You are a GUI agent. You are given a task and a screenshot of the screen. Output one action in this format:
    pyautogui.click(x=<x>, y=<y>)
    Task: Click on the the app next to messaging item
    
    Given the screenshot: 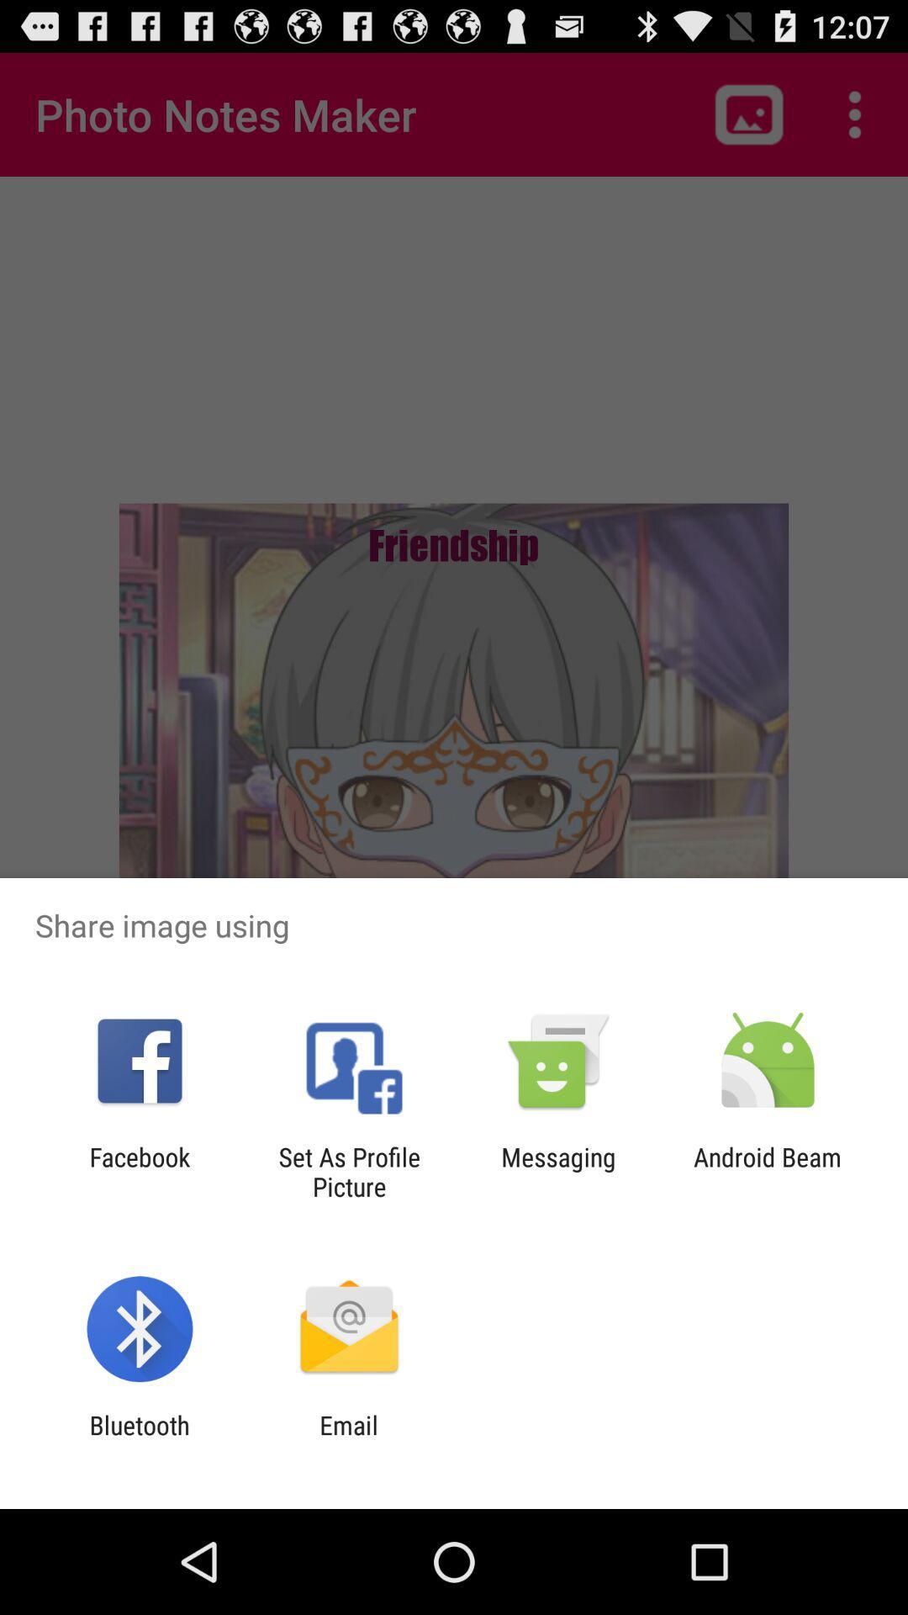 What is the action you would take?
    pyautogui.click(x=768, y=1171)
    